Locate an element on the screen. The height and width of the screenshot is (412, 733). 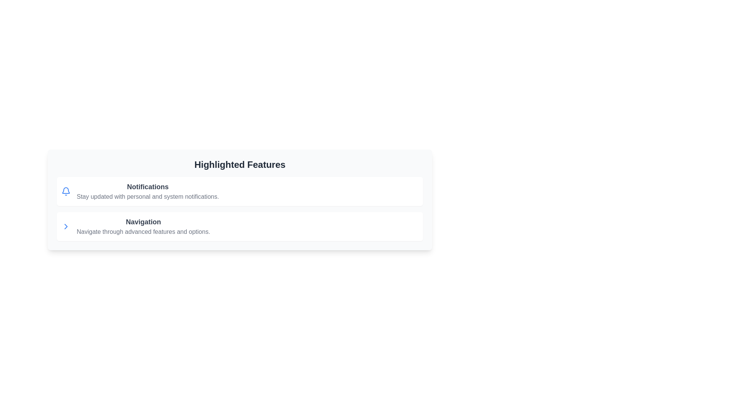
the chevron icon located at the right end of the 'Highlighted Features' card's second row, titled 'Navigation' is located at coordinates (66, 226).